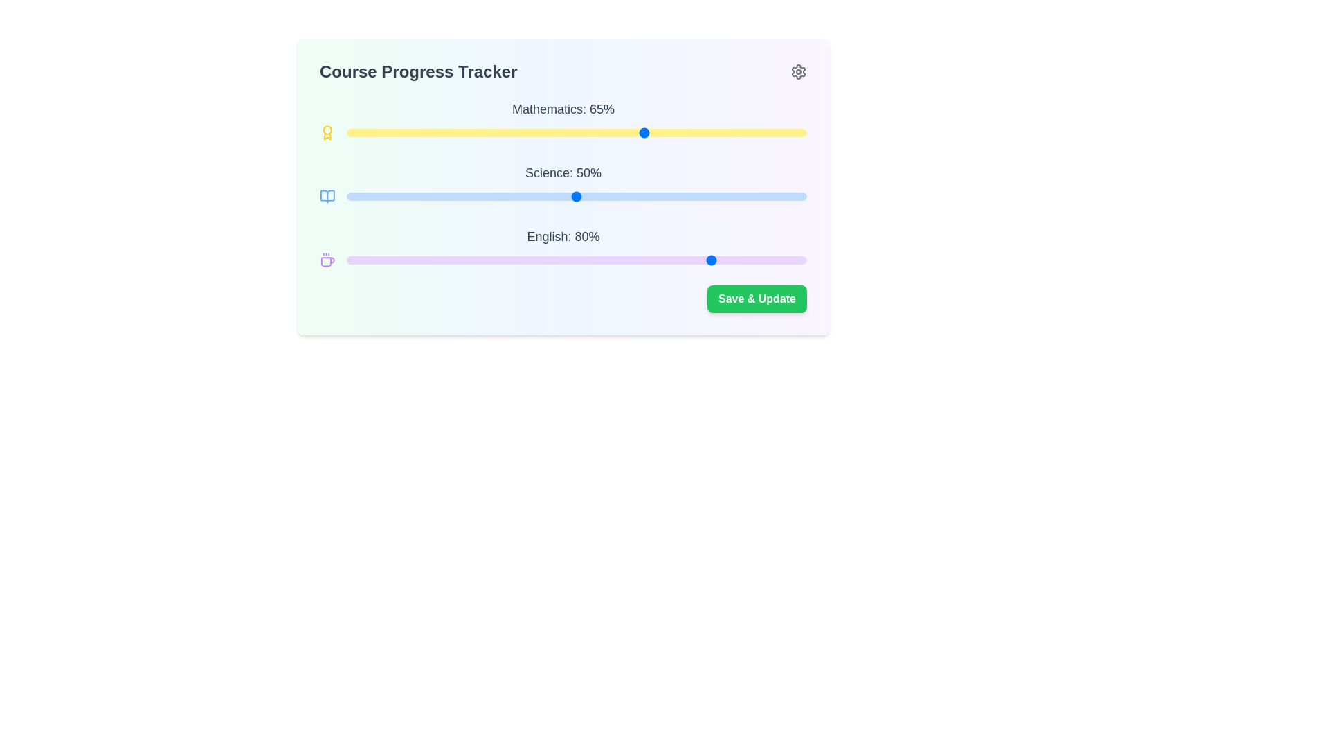 The image size is (1329, 748). What do you see at coordinates (757, 299) in the screenshot?
I see `the 'Save & Update' button with a green background and white text located at the bottom-right corner of the primary user interface panel to change its color` at bounding box center [757, 299].